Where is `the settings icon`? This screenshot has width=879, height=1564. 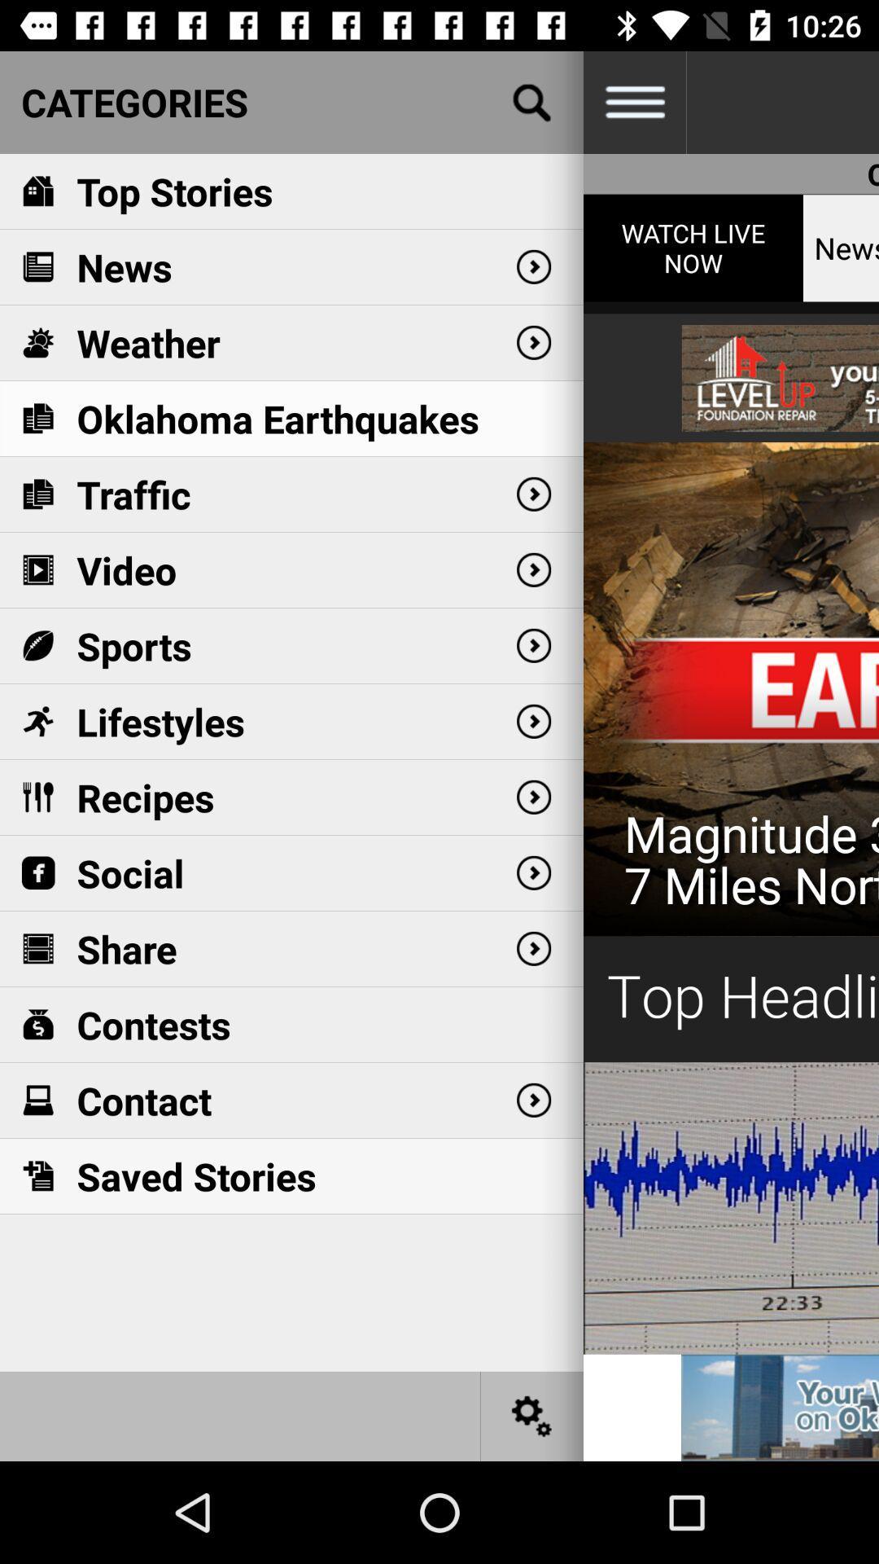
the settings icon is located at coordinates (532, 1415).